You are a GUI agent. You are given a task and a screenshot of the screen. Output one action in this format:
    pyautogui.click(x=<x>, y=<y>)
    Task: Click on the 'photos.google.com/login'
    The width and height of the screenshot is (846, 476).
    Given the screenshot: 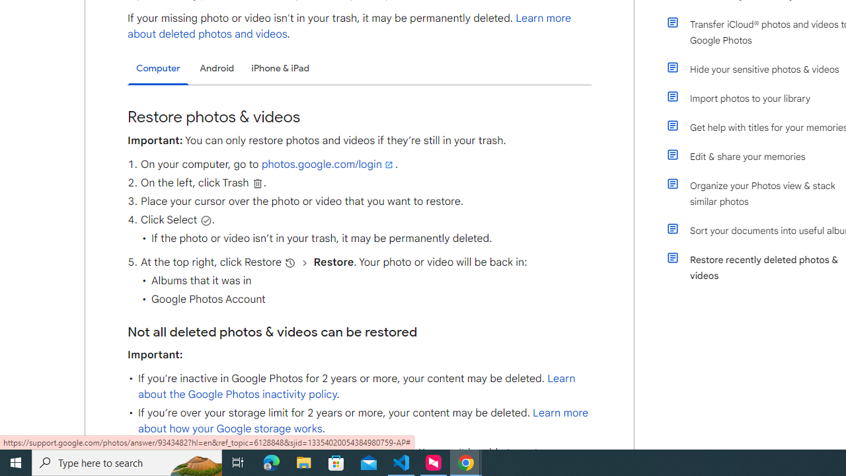 What is the action you would take?
    pyautogui.click(x=328, y=164)
    